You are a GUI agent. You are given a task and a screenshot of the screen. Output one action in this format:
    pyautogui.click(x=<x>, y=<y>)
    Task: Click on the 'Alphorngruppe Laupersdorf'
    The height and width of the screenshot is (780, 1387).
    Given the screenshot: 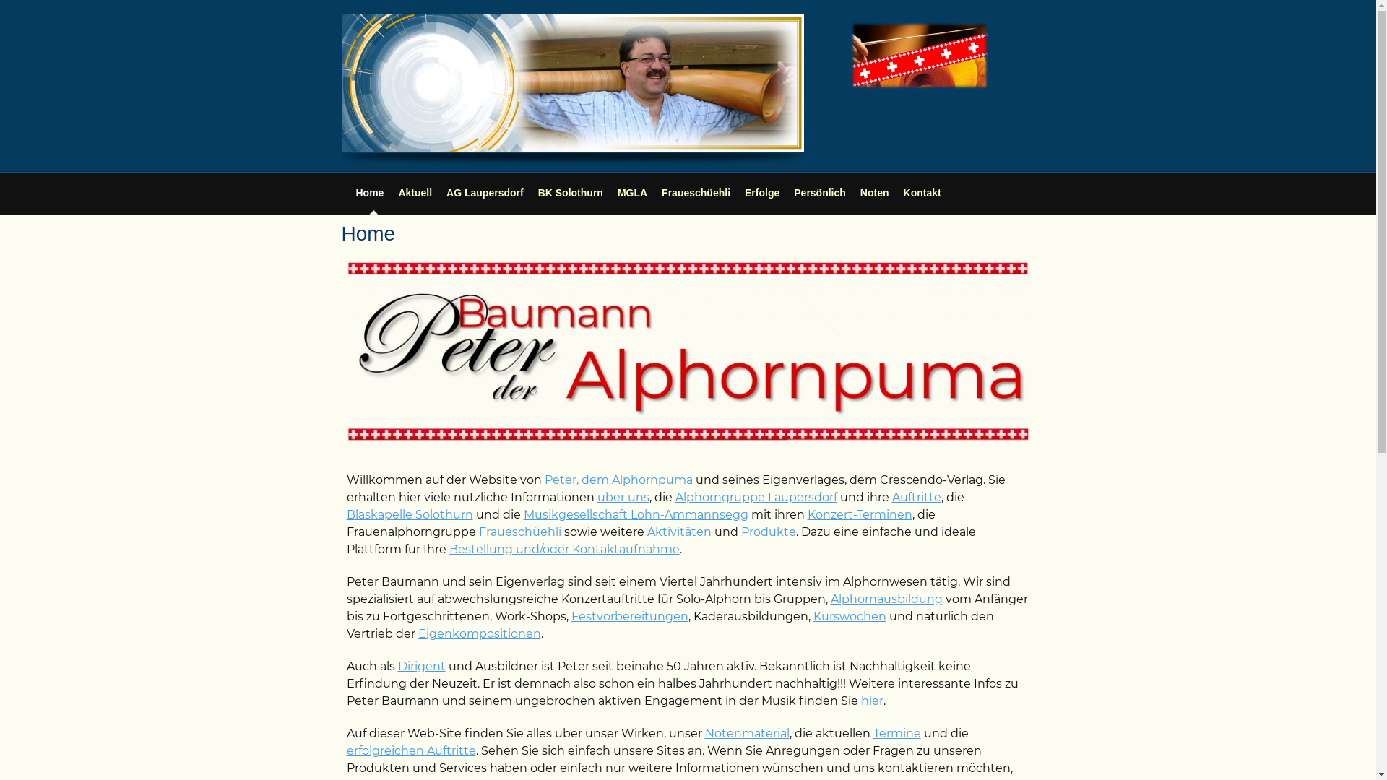 What is the action you would take?
    pyautogui.click(x=755, y=496)
    